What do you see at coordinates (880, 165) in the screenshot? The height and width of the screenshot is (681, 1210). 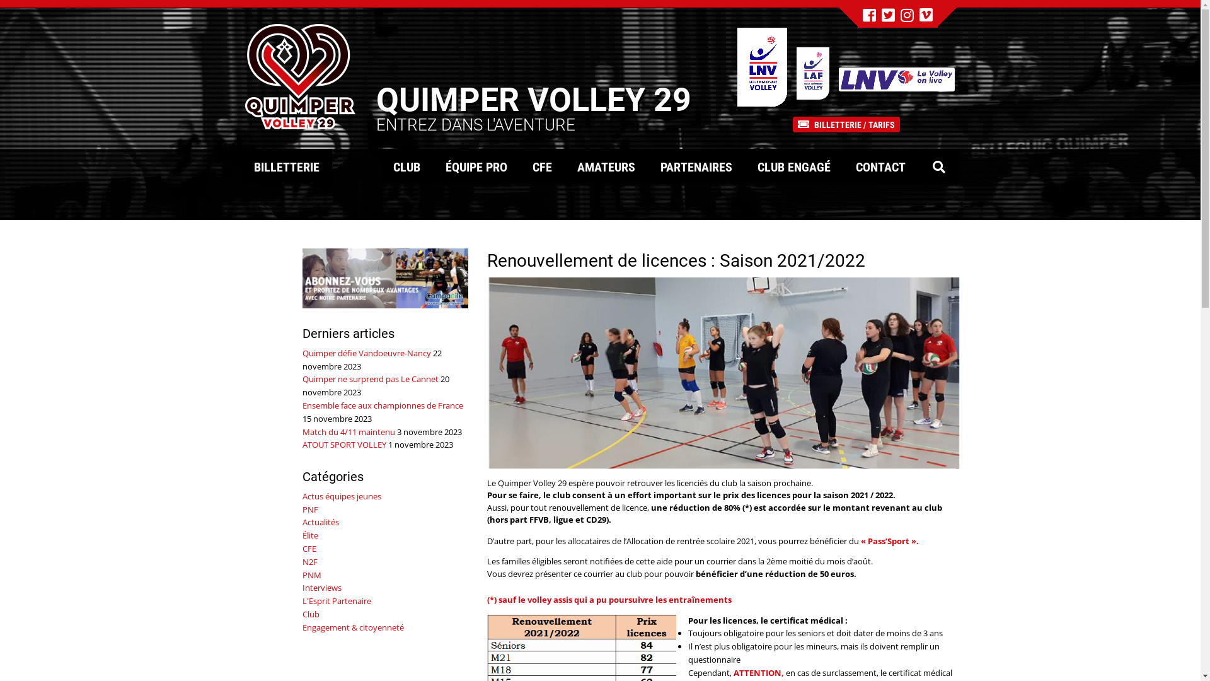 I see `'CONTACT'` at bounding box center [880, 165].